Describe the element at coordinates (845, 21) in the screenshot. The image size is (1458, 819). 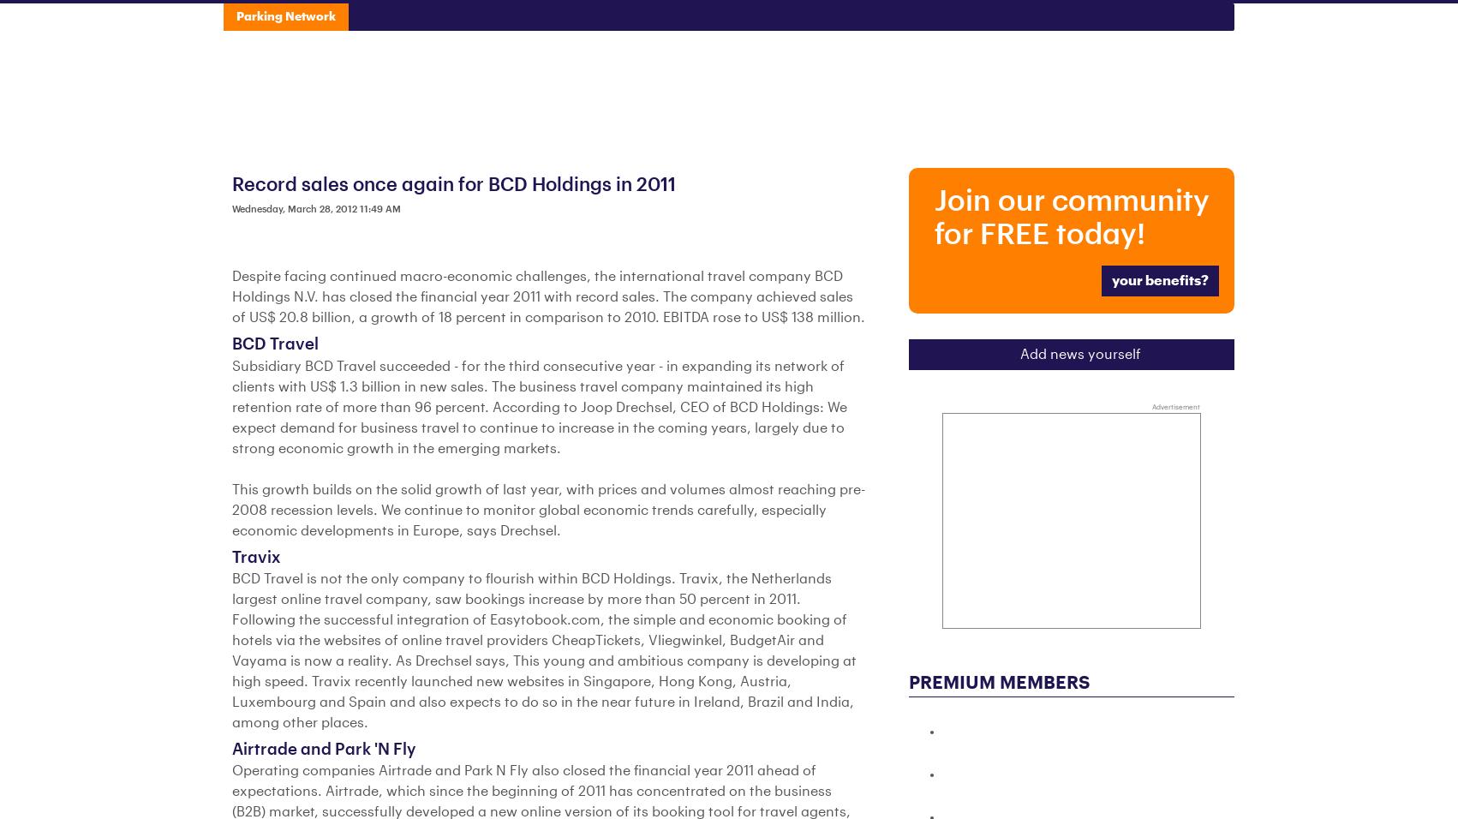
I see `'Associations'` at that location.